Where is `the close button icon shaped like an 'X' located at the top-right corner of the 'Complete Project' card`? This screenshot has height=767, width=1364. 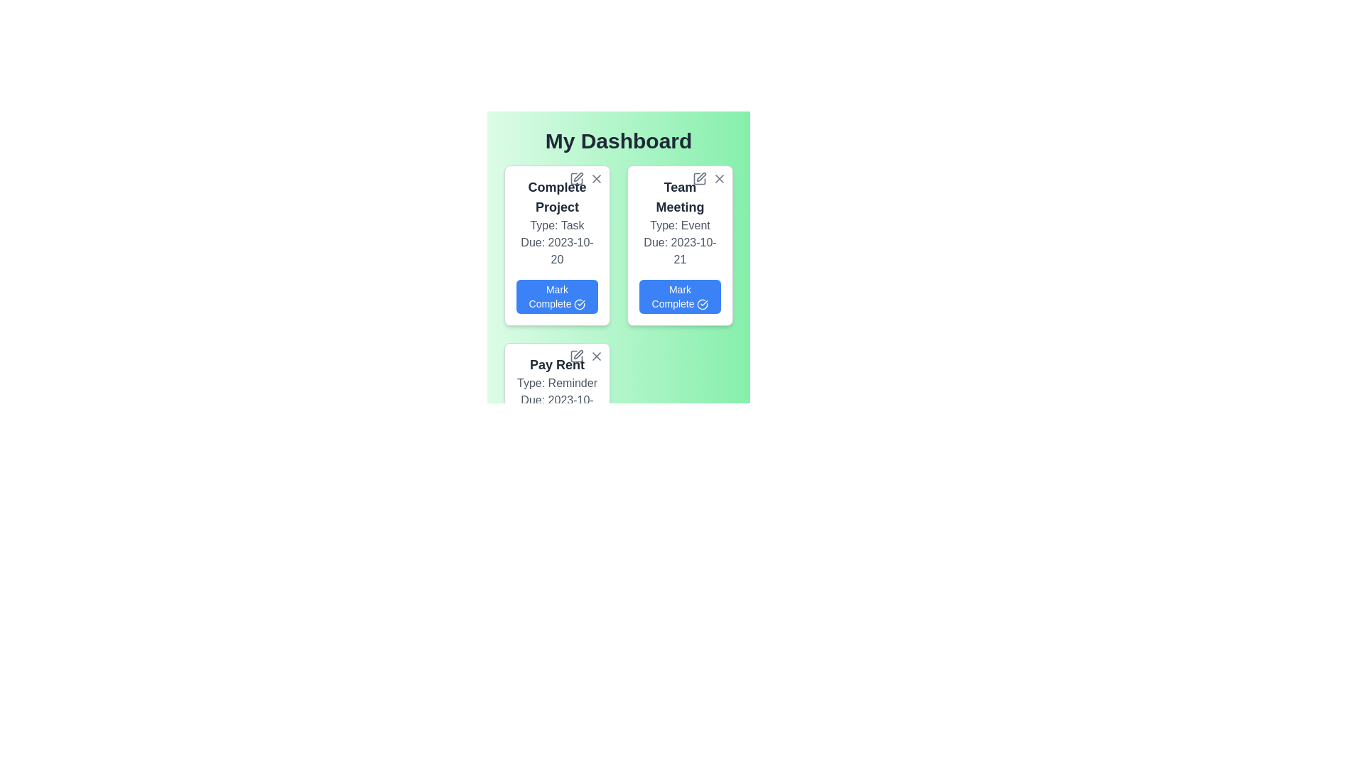 the close button icon shaped like an 'X' located at the top-right corner of the 'Complete Project' card is located at coordinates (597, 178).